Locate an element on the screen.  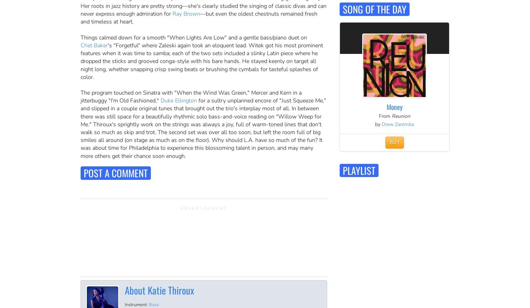
'Ray Brown' is located at coordinates (186, 13).